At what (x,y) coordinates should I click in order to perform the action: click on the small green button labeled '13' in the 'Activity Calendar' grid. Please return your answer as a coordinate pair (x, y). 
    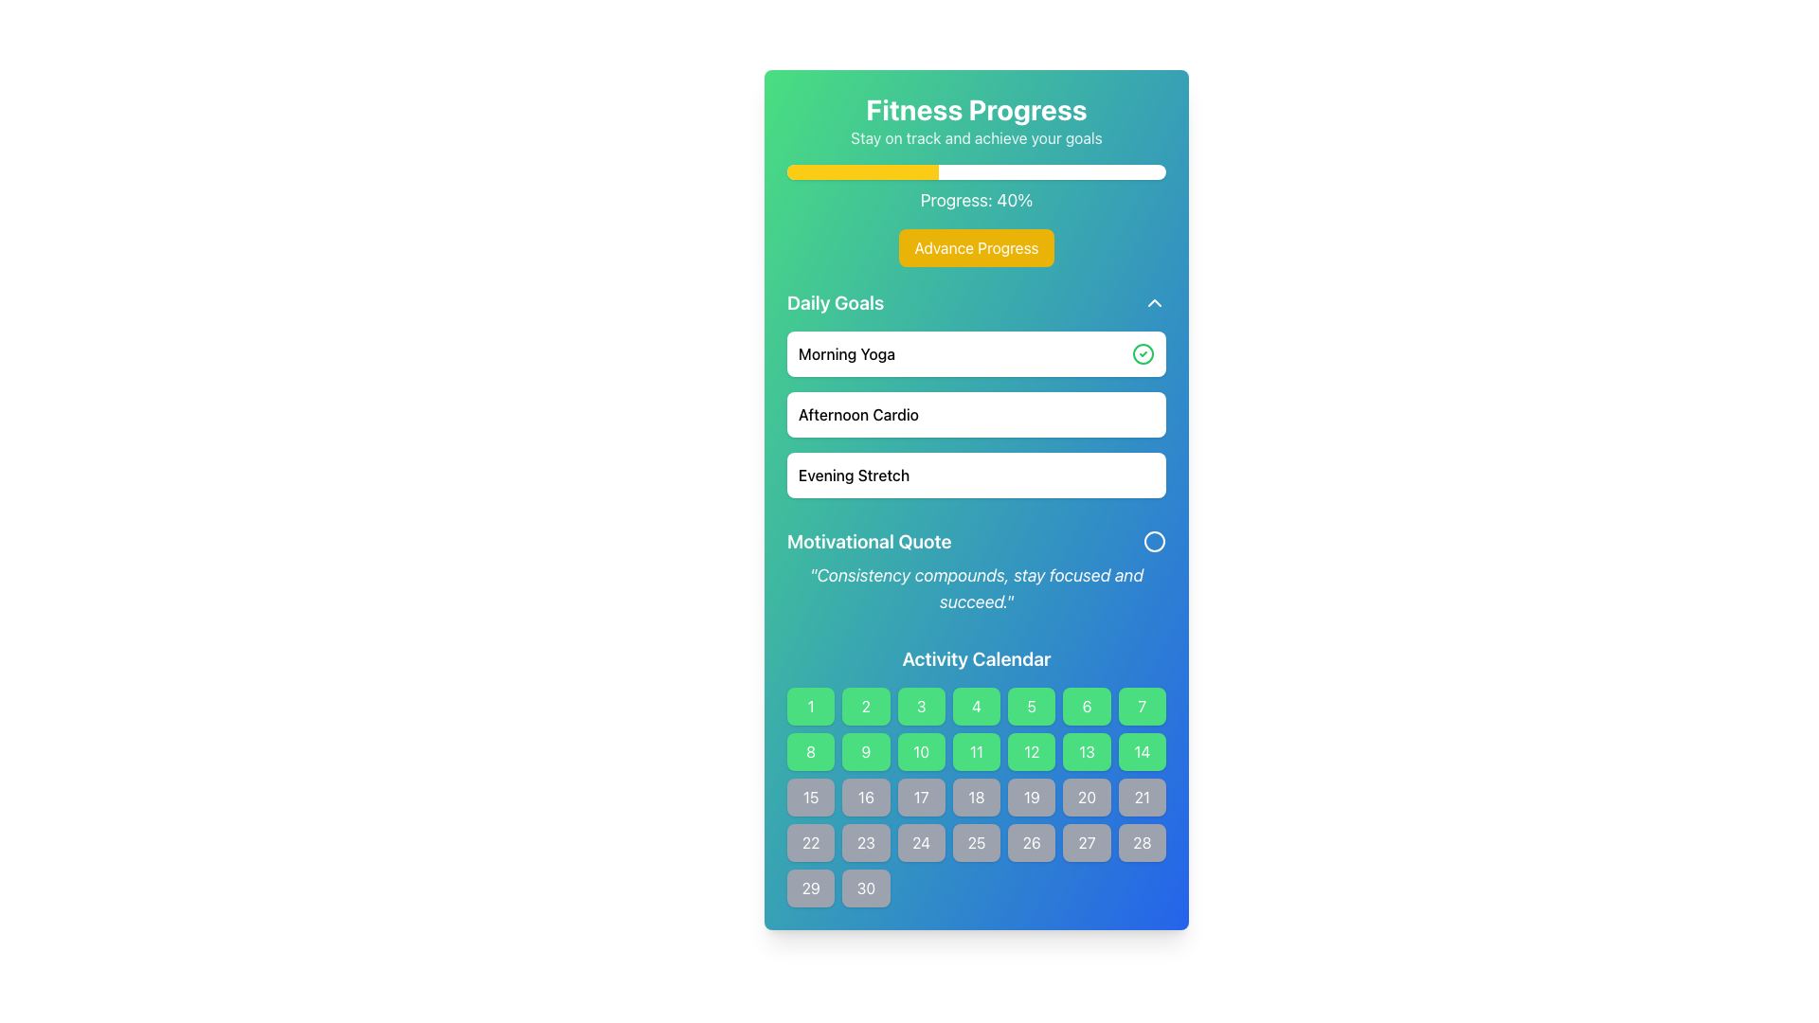
    Looking at the image, I should click on (1087, 751).